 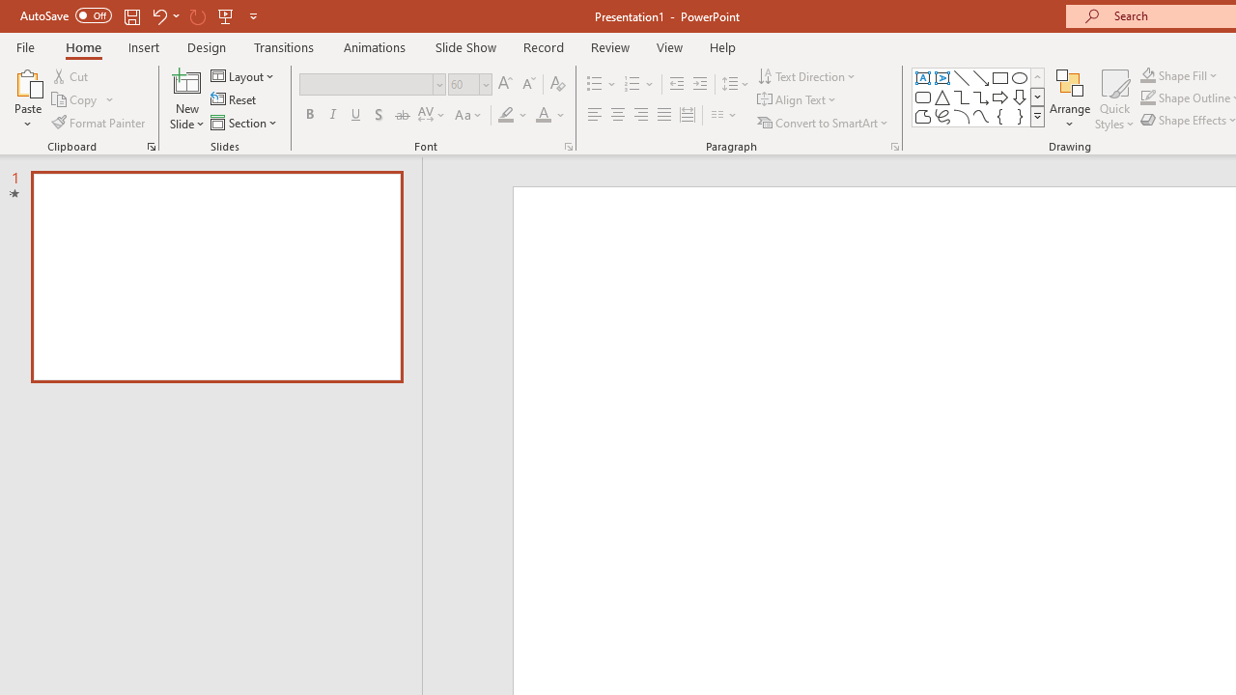 I want to click on 'Line Arrow', so click(x=981, y=77).